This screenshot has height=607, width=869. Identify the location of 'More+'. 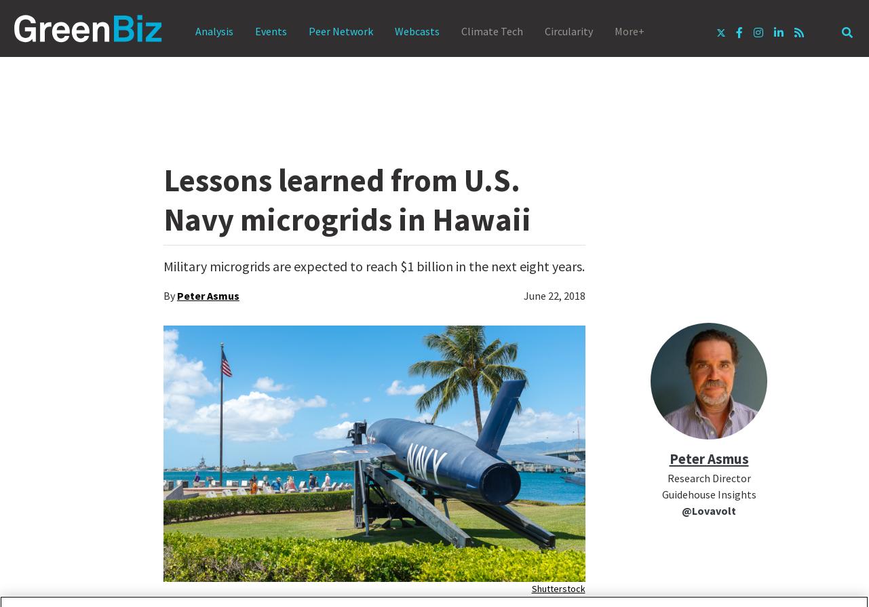
(629, 31).